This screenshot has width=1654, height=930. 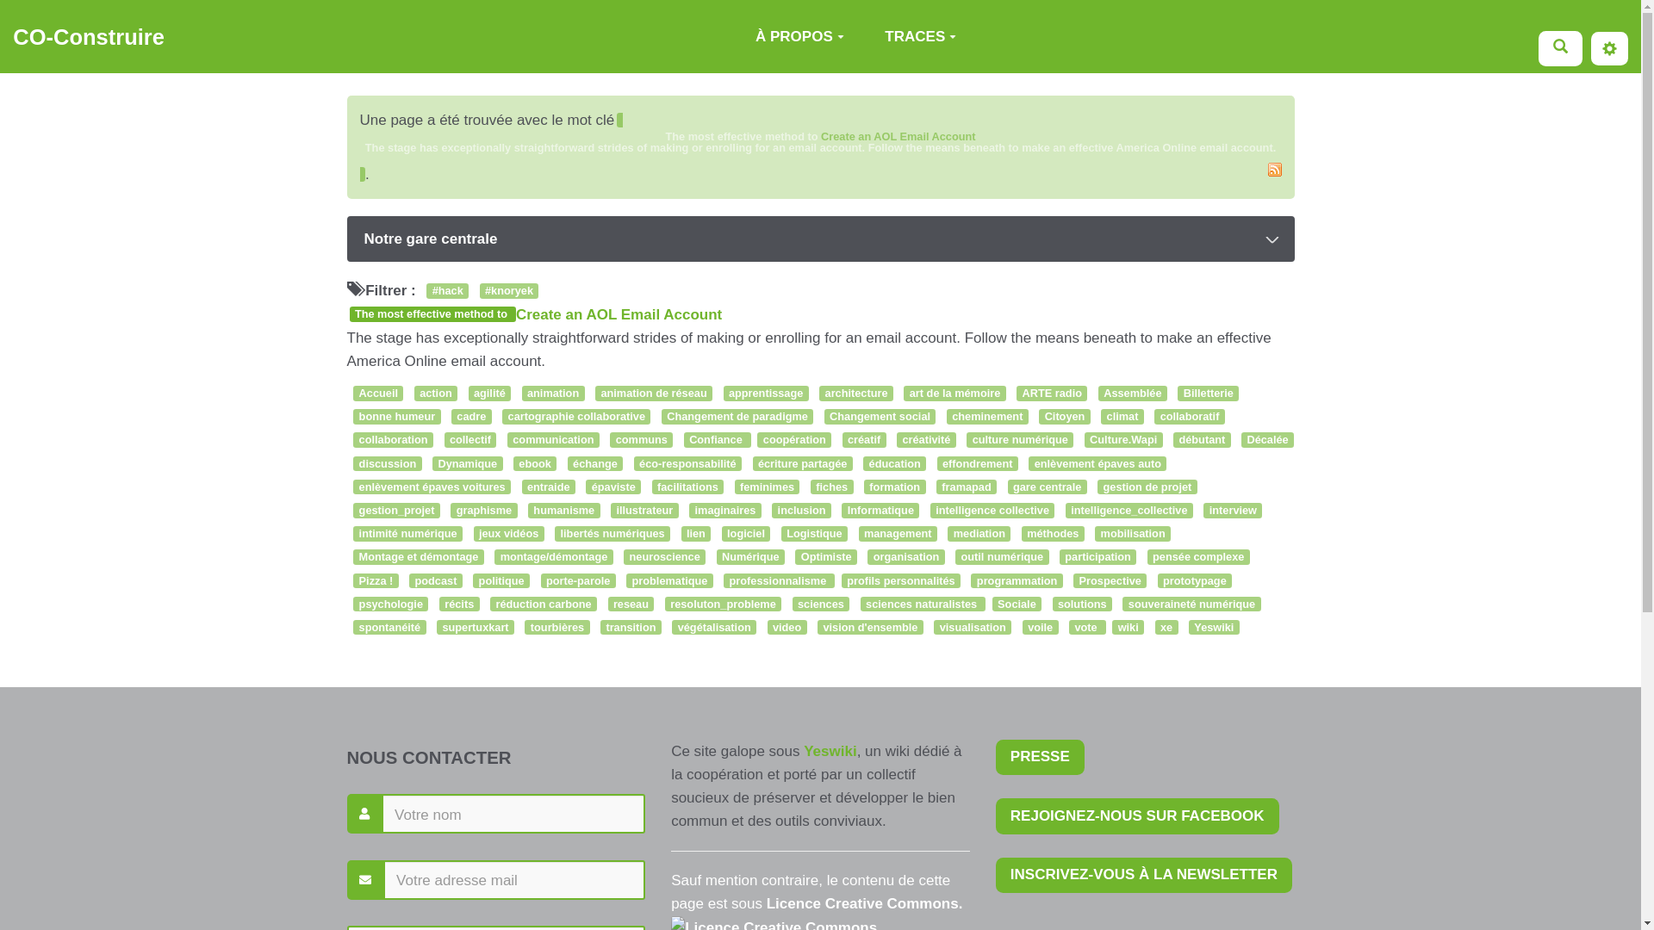 What do you see at coordinates (987, 416) in the screenshot?
I see `'cheminement'` at bounding box center [987, 416].